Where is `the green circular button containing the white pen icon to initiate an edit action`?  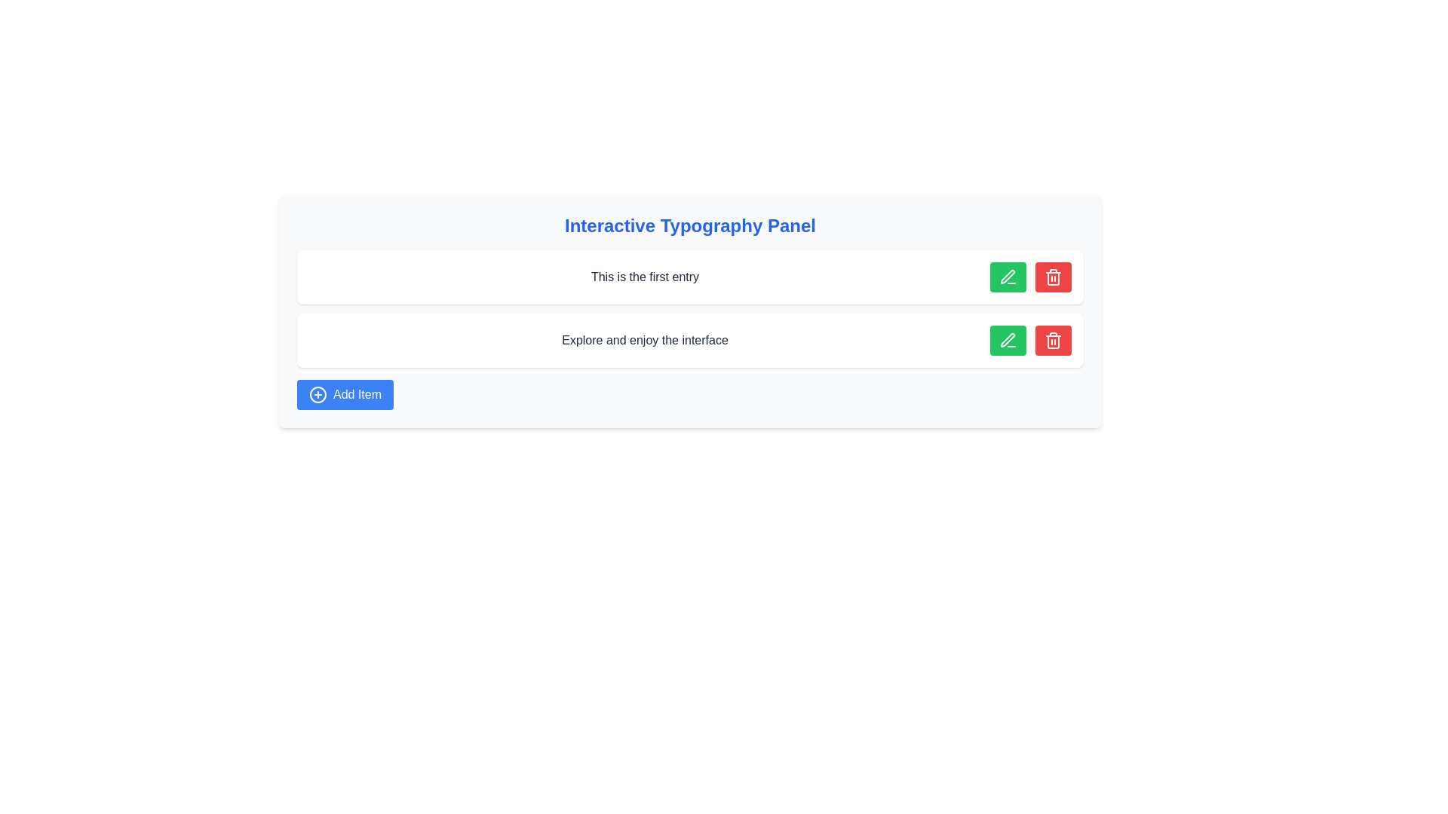
the green circular button containing the white pen icon to initiate an edit action is located at coordinates (1008, 340).